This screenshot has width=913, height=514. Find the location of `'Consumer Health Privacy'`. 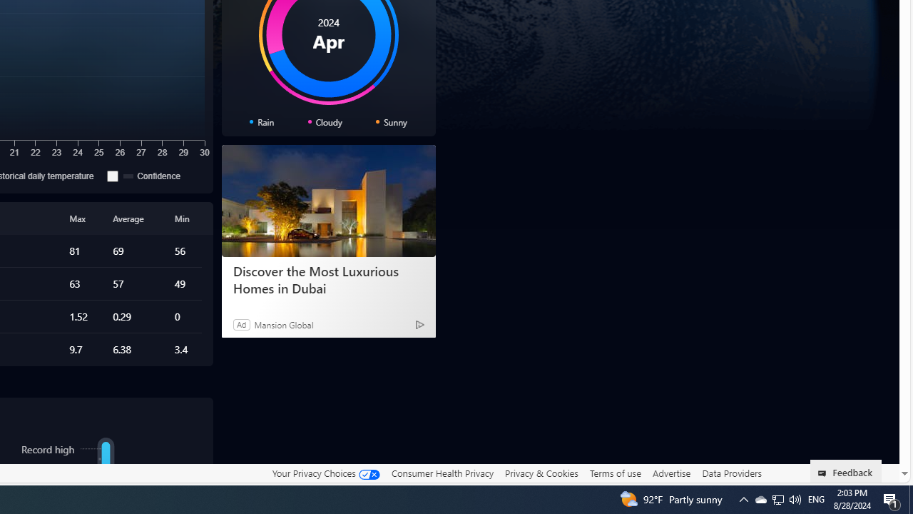

'Consumer Health Privacy' is located at coordinates (442, 473).